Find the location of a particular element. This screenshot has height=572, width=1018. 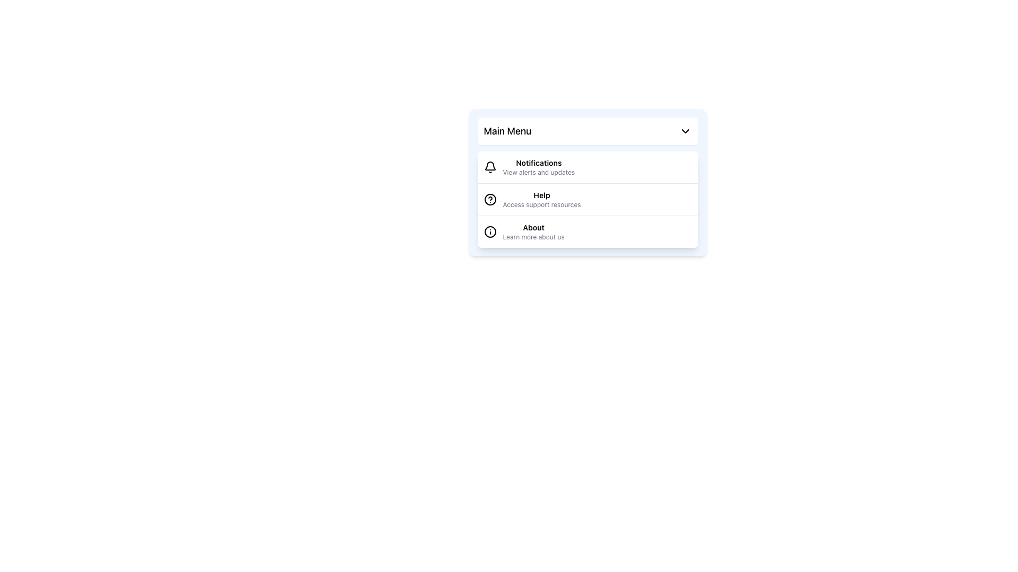

the 'About' menu item located in the bottom section of the 'Main Menu' is located at coordinates (533, 231).